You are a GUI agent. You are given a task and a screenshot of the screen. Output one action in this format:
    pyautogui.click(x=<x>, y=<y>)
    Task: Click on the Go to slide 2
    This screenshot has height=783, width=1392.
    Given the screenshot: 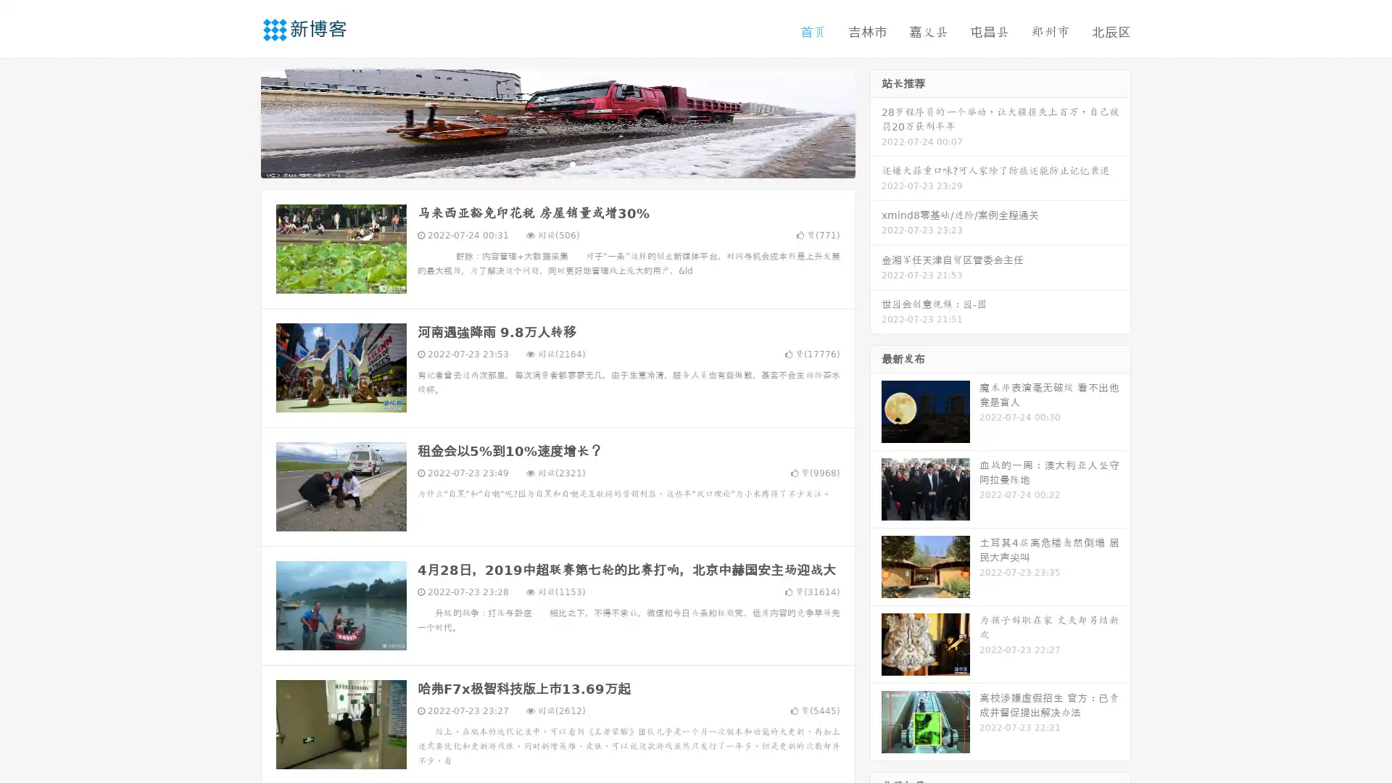 What is the action you would take?
    pyautogui.click(x=557, y=163)
    